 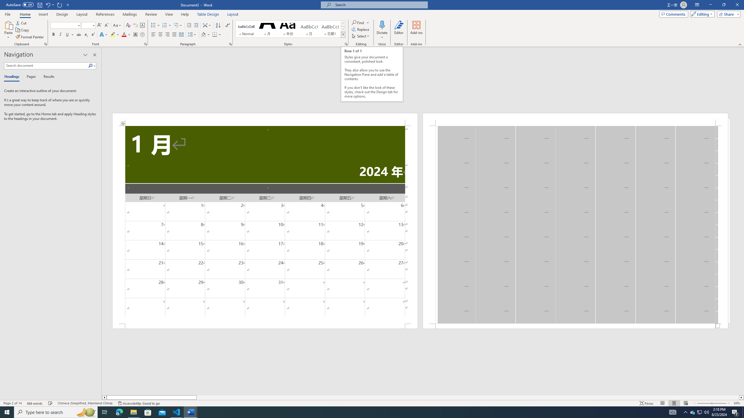 What do you see at coordinates (741, 397) in the screenshot?
I see `'Column right'` at bounding box center [741, 397].